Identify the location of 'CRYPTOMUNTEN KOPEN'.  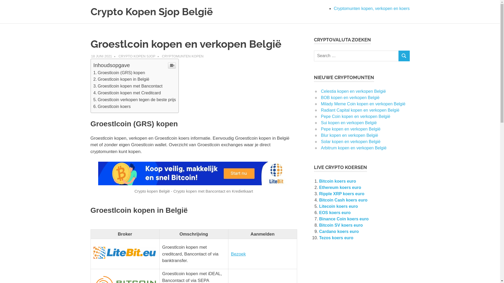
(183, 56).